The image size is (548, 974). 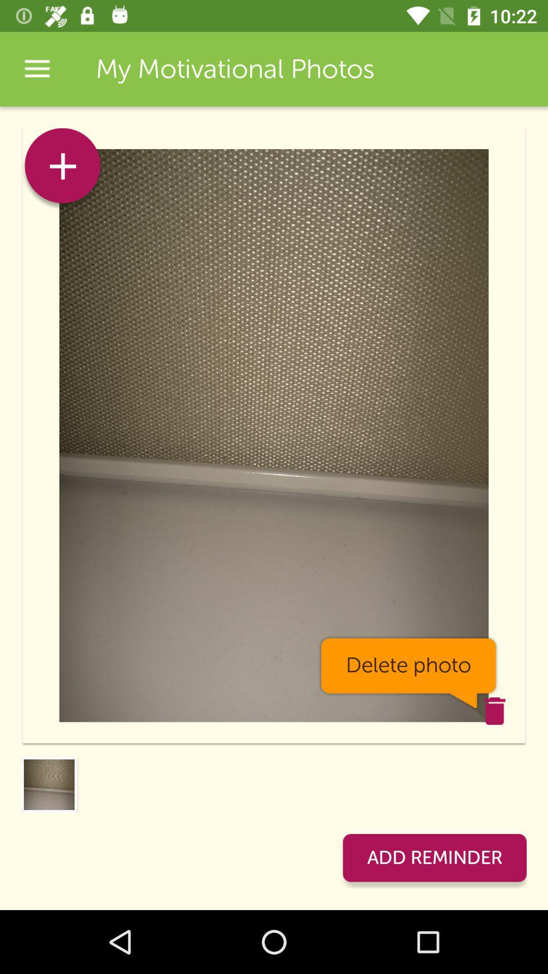 I want to click on the add reminder icon, so click(x=434, y=857).